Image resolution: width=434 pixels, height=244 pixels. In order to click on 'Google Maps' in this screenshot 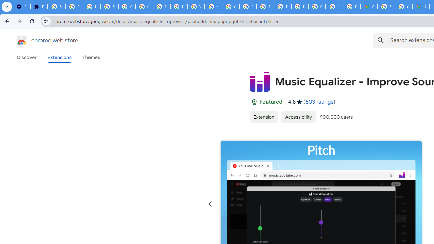, I will do `click(369, 7)`.